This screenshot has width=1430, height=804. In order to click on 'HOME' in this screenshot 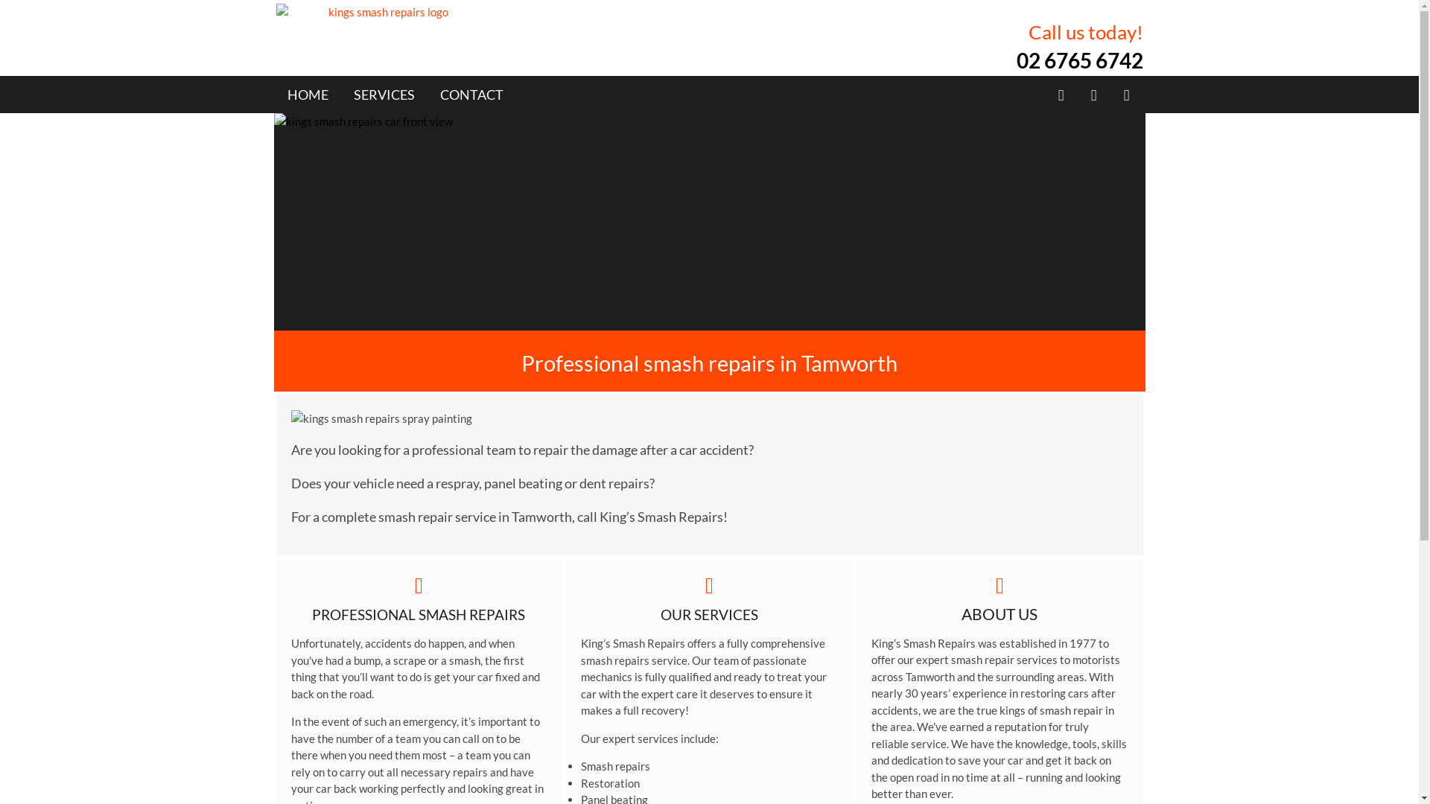, I will do `click(287, 95)`.